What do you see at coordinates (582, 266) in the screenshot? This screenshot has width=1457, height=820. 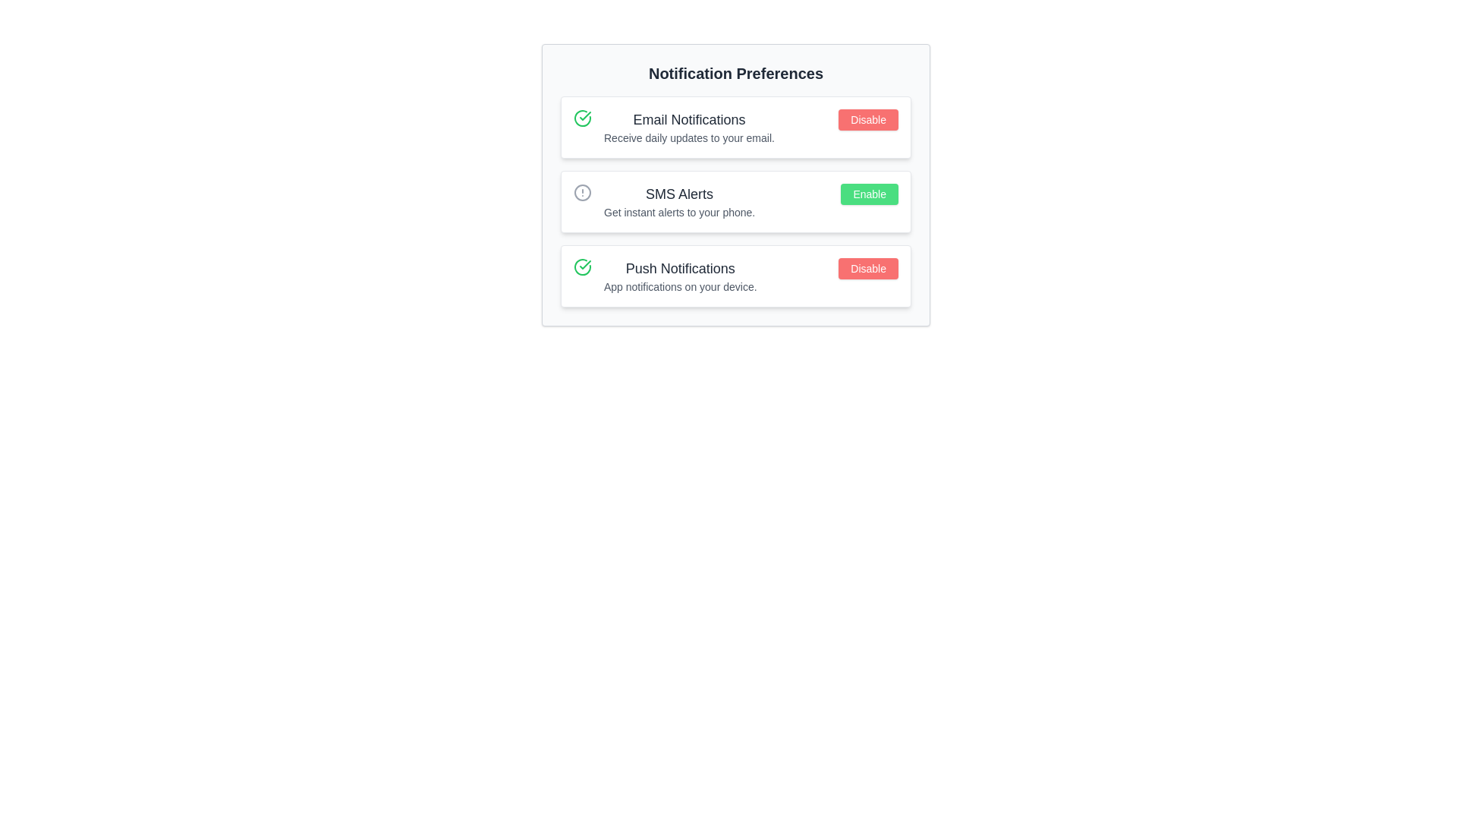 I see `the green circle icon with a checkmark inside, located in the 'Push Notifications' panel, adjacent to the 'Push Notifications' text` at bounding box center [582, 266].